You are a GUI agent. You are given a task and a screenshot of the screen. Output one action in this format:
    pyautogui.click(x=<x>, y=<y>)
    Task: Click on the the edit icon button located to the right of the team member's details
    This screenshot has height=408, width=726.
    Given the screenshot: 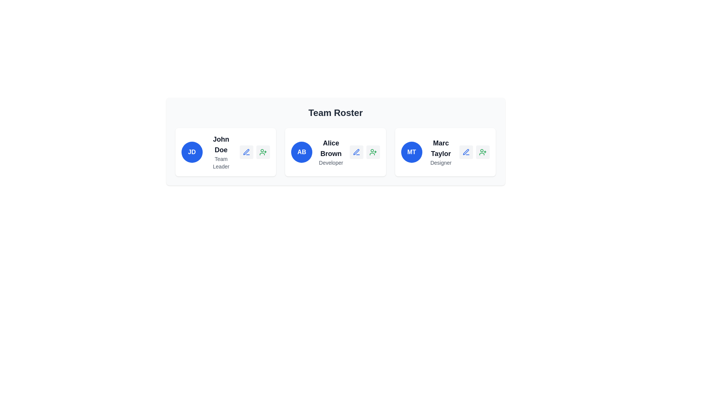 What is the action you would take?
    pyautogui.click(x=466, y=152)
    